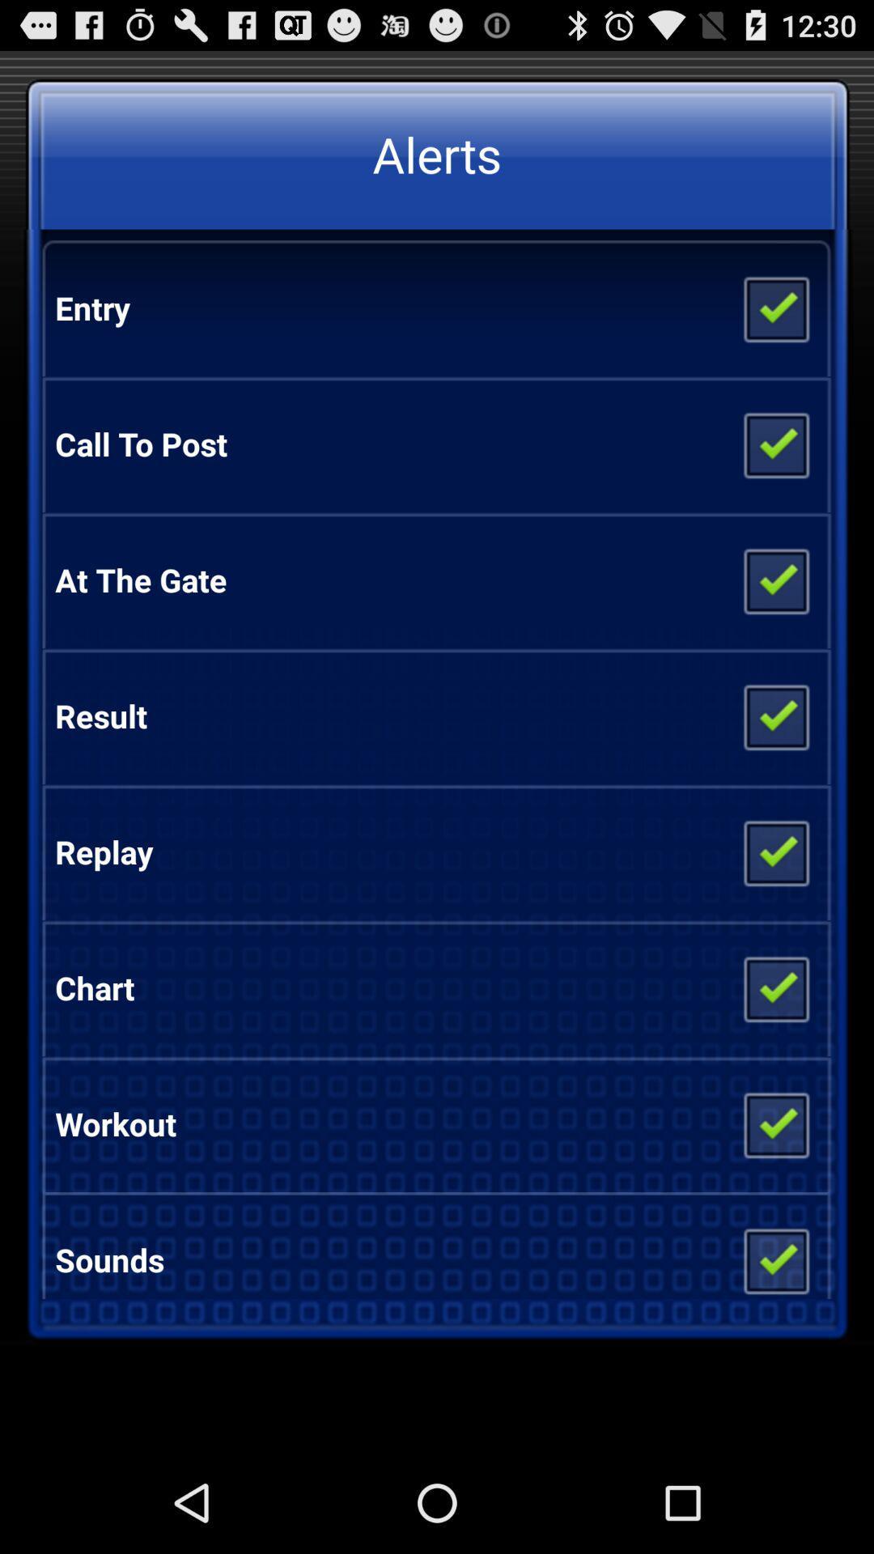  What do you see at coordinates (774, 308) in the screenshot?
I see `the item below the alerts item` at bounding box center [774, 308].